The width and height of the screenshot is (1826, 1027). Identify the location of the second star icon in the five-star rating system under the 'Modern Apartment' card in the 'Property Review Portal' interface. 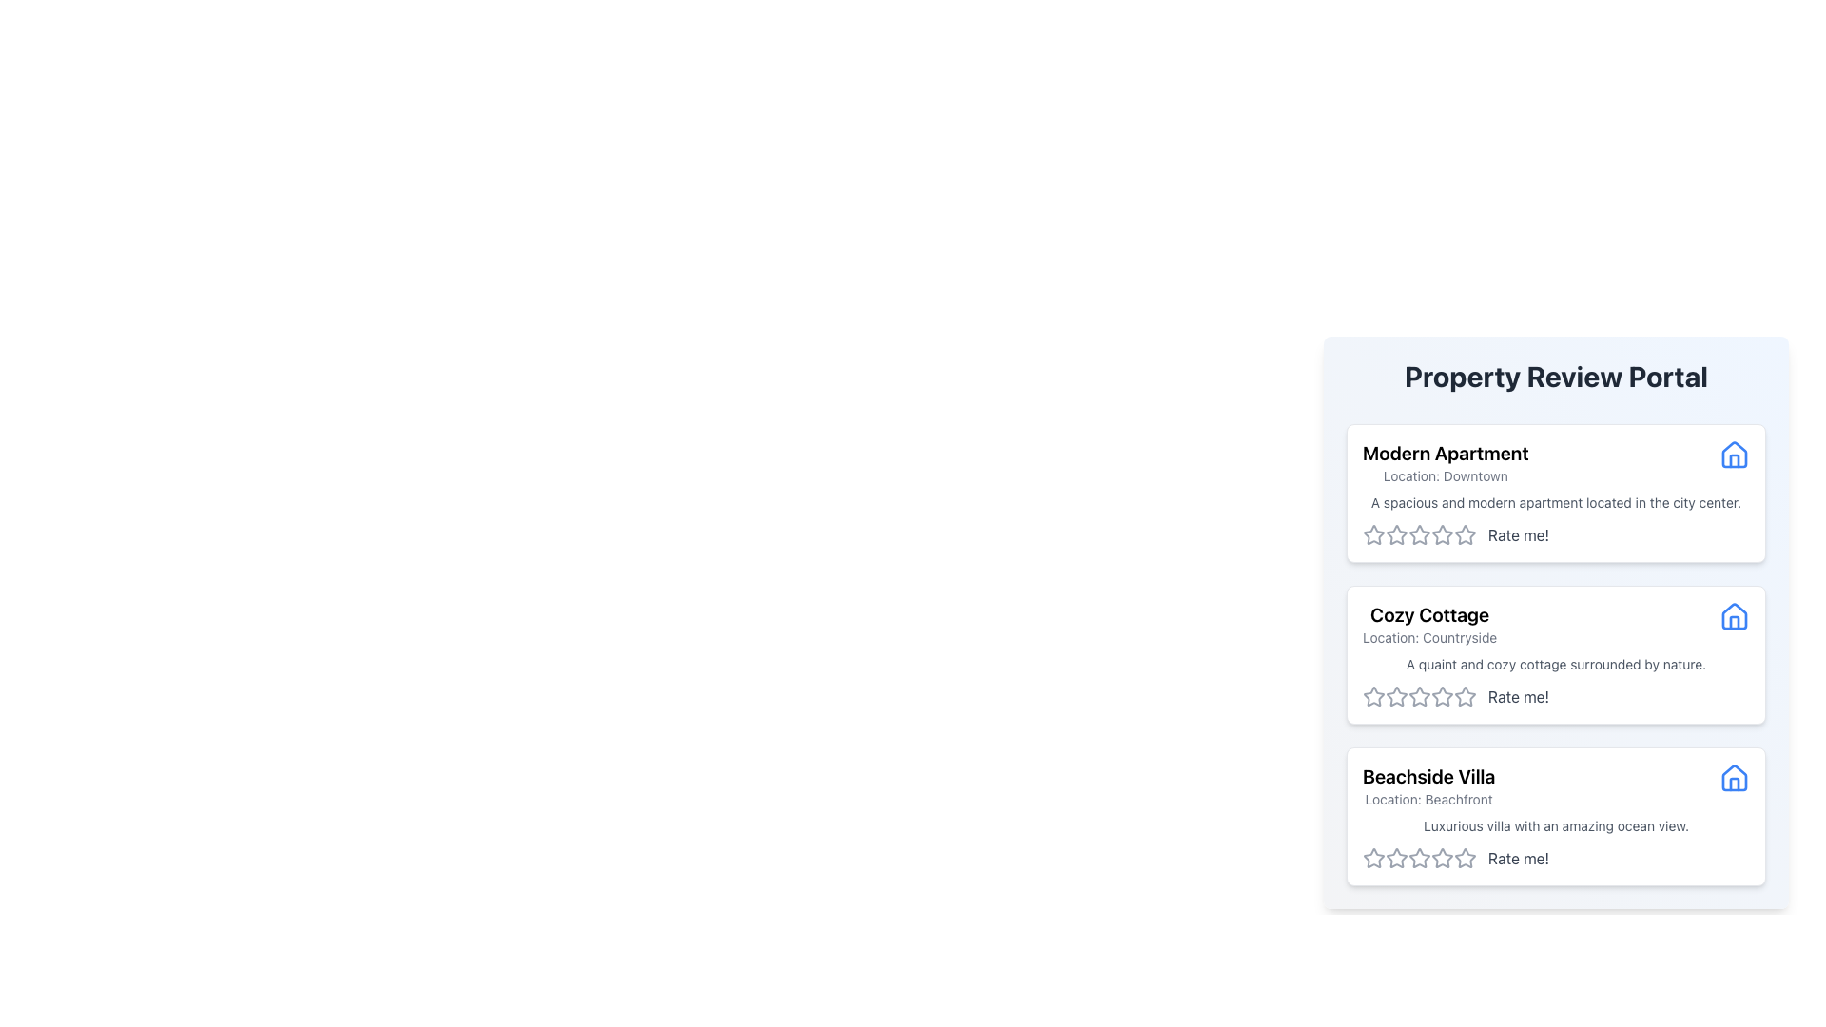
(1396, 535).